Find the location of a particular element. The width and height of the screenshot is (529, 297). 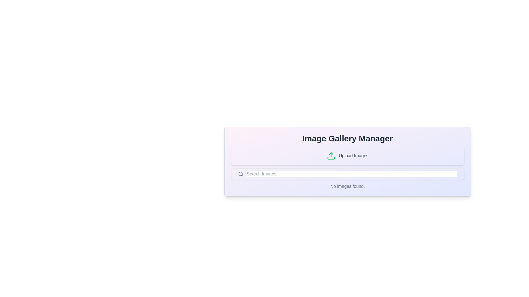

the static text element that serves as the title for the image gallery section, positioned above the 'Upload Images' button is located at coordinates (347, 138).